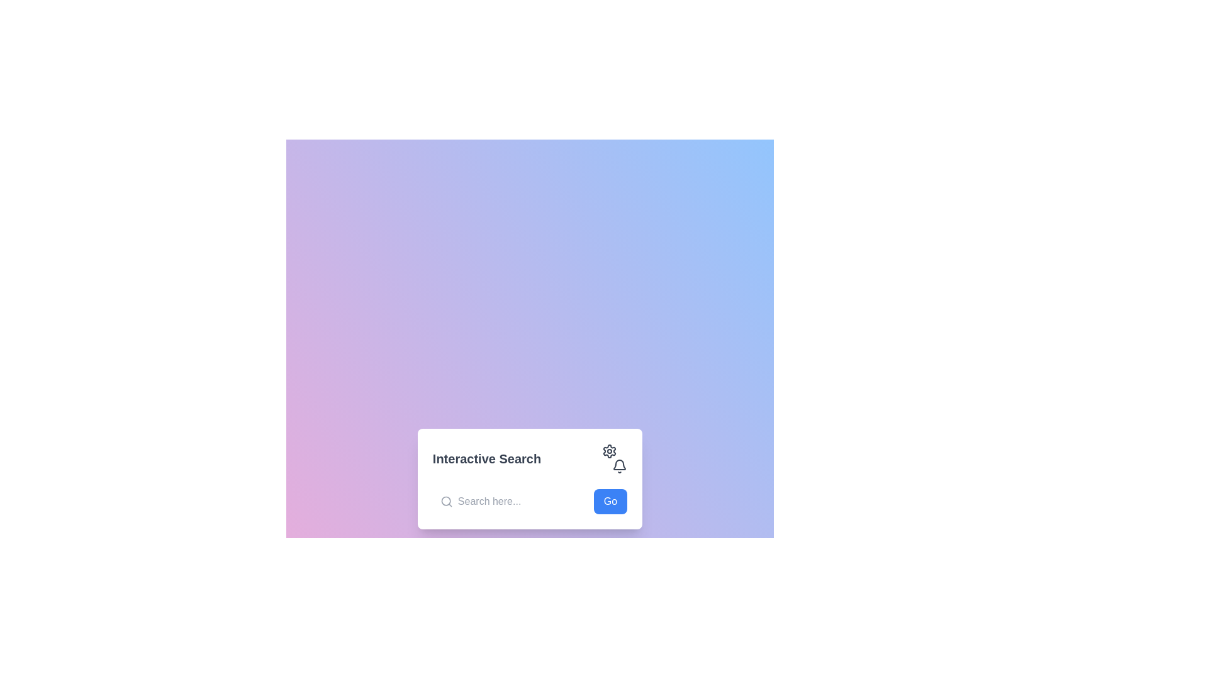 This screenshot has height=679, width=1208. What do you see at coordinates (610, 501) in the screenshot?
I see `the rounded rectangle button with a blue background and white text reading 'Go' to observe the color change effect` at bounding box center [610, 501].